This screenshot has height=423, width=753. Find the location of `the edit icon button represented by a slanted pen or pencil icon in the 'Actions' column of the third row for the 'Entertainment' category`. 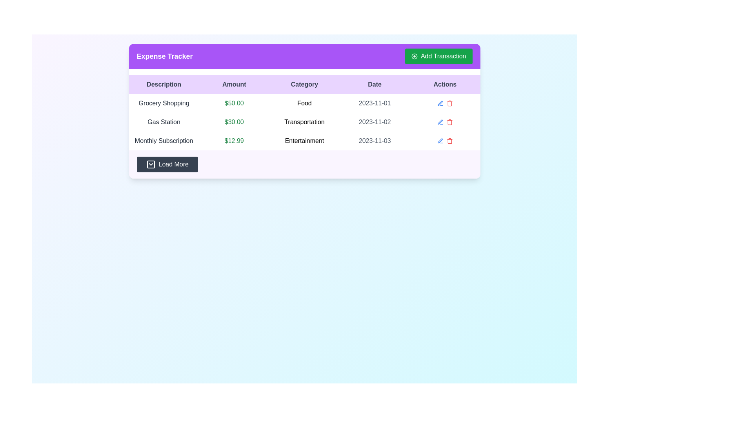

the edit icon button represented by a slanted pen or pencil icon in the 'Actions' column of the third row for the 'Entertainment' category is located at coordinates (440, 103).